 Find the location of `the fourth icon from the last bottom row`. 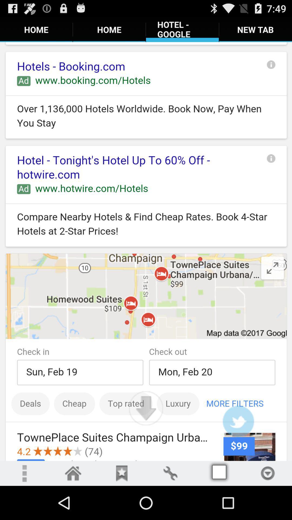

the fourth icon from the last bottom row is located at coordinates (170, 473).